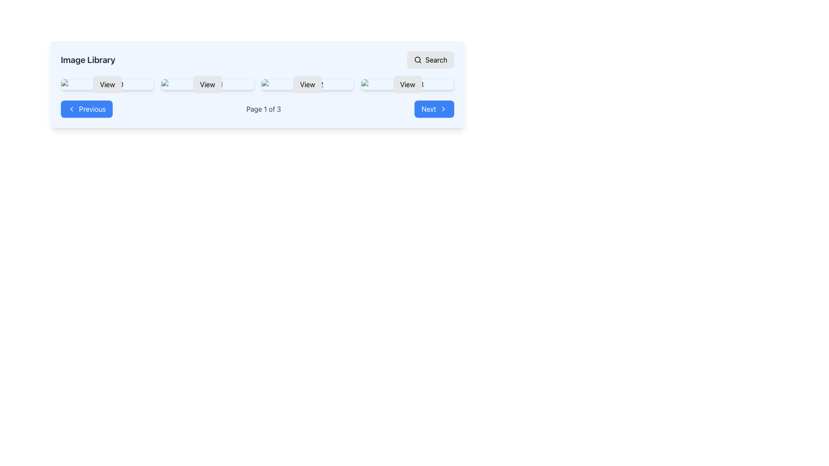 The width and height of the screenshot is (829, 466). Describe the element at coordinates (257, 85) in the screenshot. I see `the 'View' button in the Image Library` at that location.